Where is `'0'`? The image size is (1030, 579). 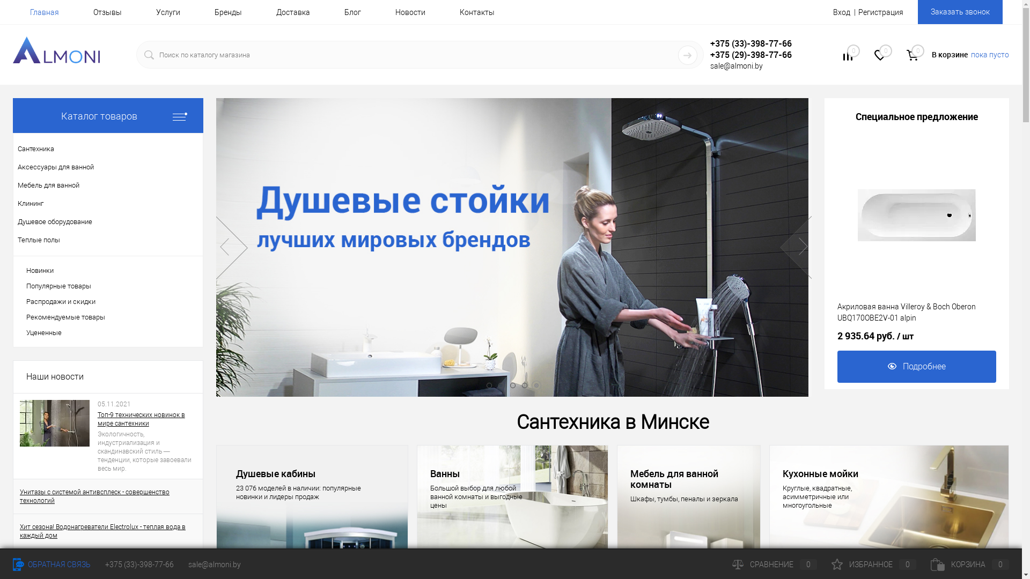
'0' is located at coordinates (911, 55).